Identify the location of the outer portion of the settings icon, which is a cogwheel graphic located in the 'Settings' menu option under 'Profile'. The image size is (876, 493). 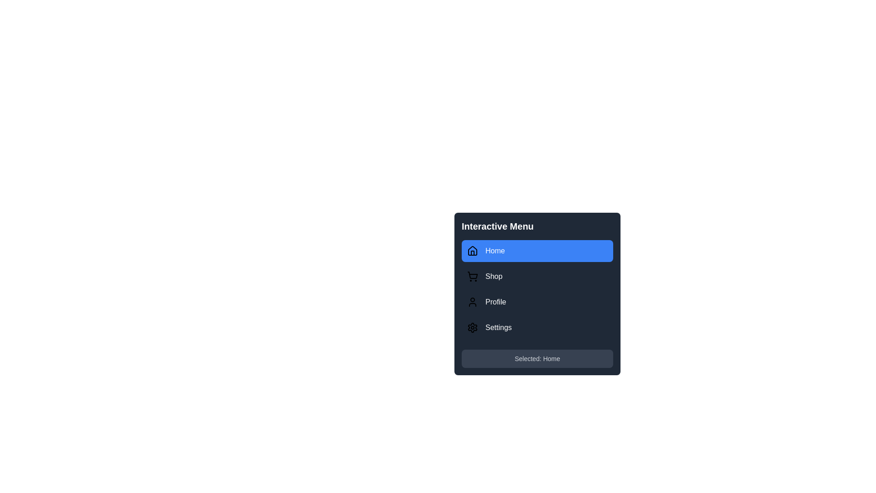
(473, 327).